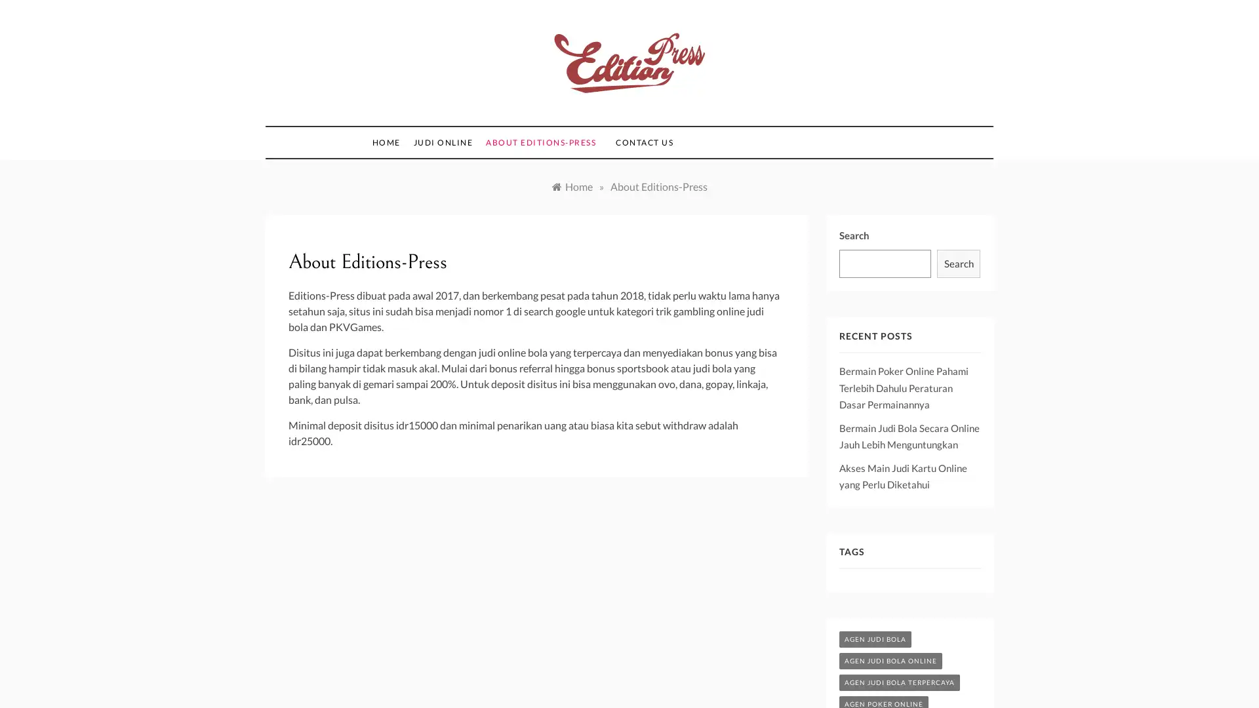  I want to click on Search, so click(959, 263).